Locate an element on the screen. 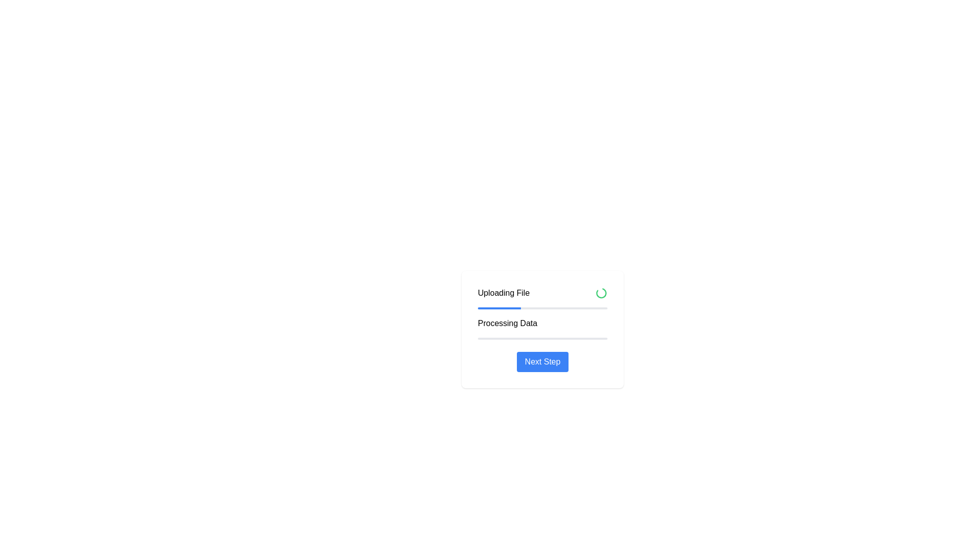 Image resolution: width=972 pixels, height=546 pixels. the button that serves to proceed to the next step in the process, which is located below a progress bar and text descriptions, centered horizontally at the bottom of a white panel is located at coordinates (542, 361).